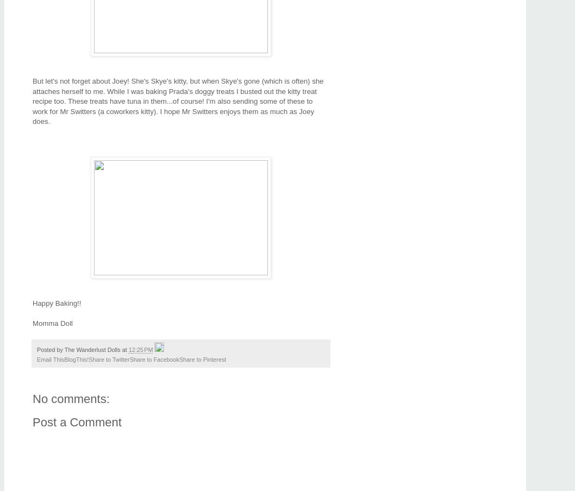  I want to click on 'But let's not forget about Joey! She's Skye's kitty, but when Skye's gone (which is often) she attaches herself to me. While I was baking Prada's doggy treats I busted out the kitty treat recipe too. These treats have tuna in them...of course! I'm also sending some of these to work for Mr Switters (a coworkers kitty). I hope Mr Switters enjoys them as much as Joey does.', so click(32, 101).